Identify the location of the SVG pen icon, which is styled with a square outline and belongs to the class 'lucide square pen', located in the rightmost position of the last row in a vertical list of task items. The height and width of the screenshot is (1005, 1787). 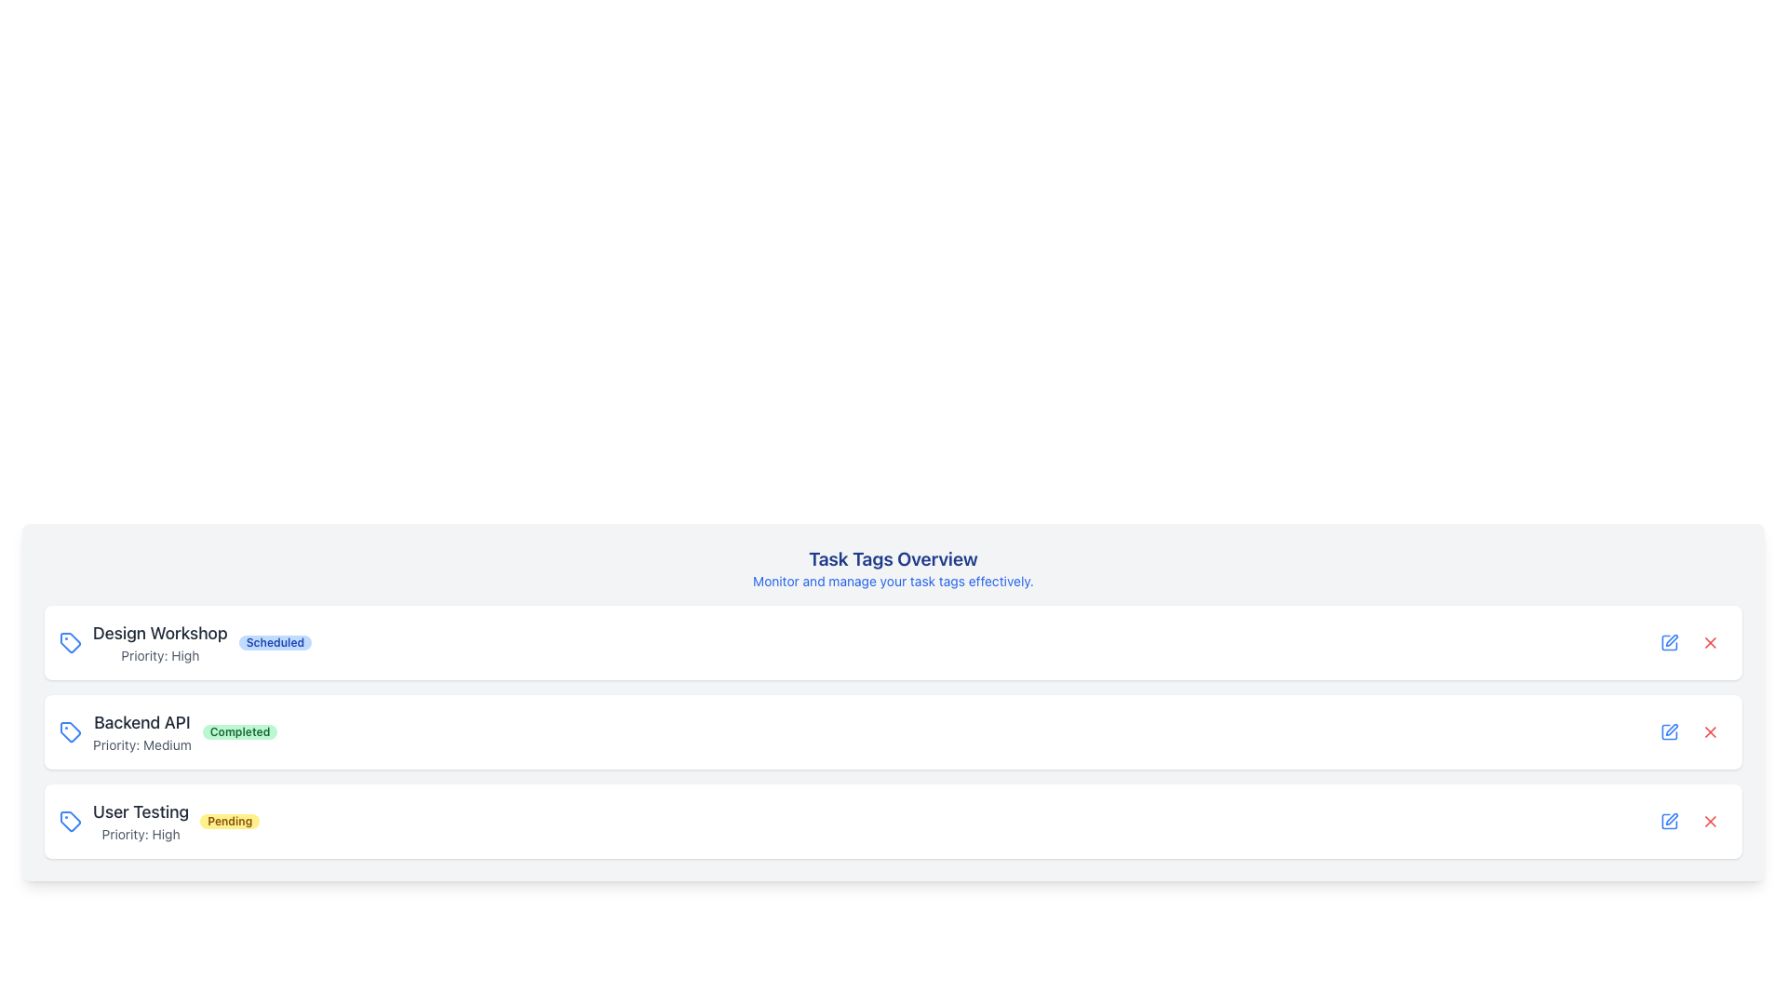
(1672, 818).